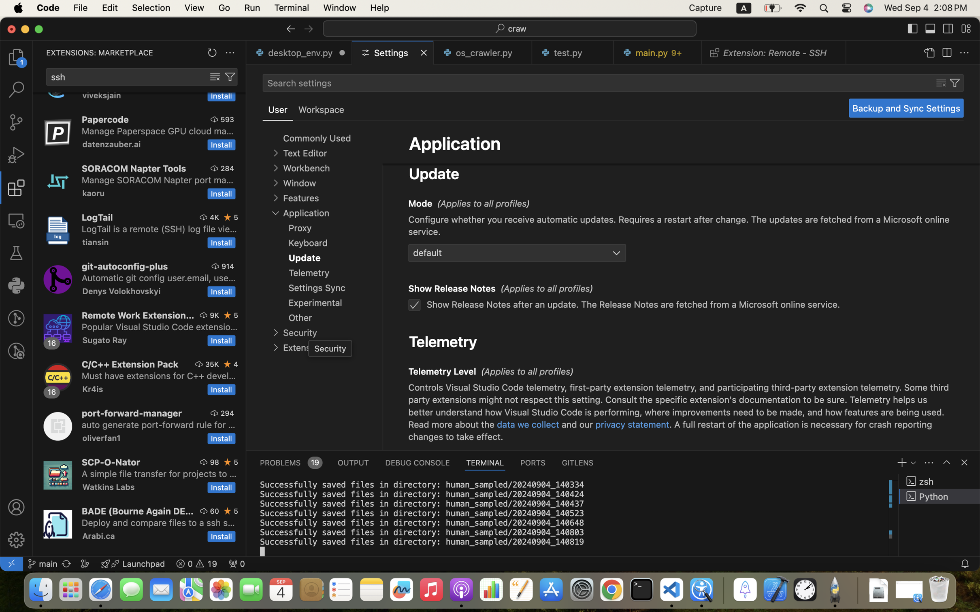 The width and height of the screenshot is (980, 612). I want to click on '0 ', so click(16, 122).